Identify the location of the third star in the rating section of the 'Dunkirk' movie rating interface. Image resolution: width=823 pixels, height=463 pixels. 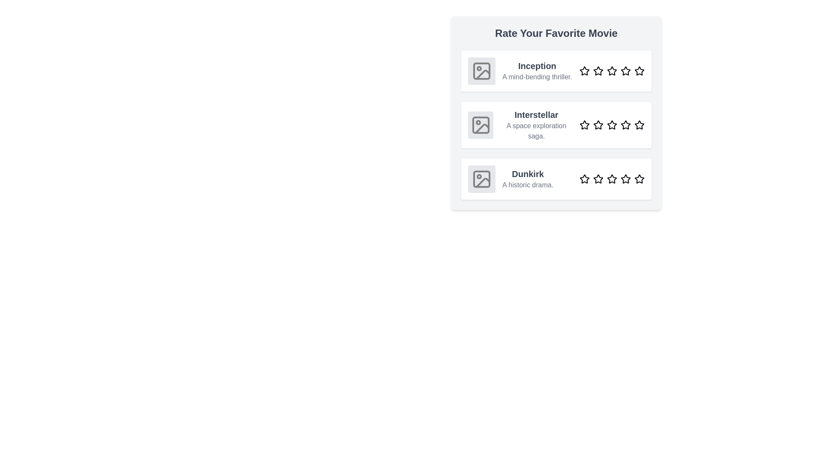
(612, 178).